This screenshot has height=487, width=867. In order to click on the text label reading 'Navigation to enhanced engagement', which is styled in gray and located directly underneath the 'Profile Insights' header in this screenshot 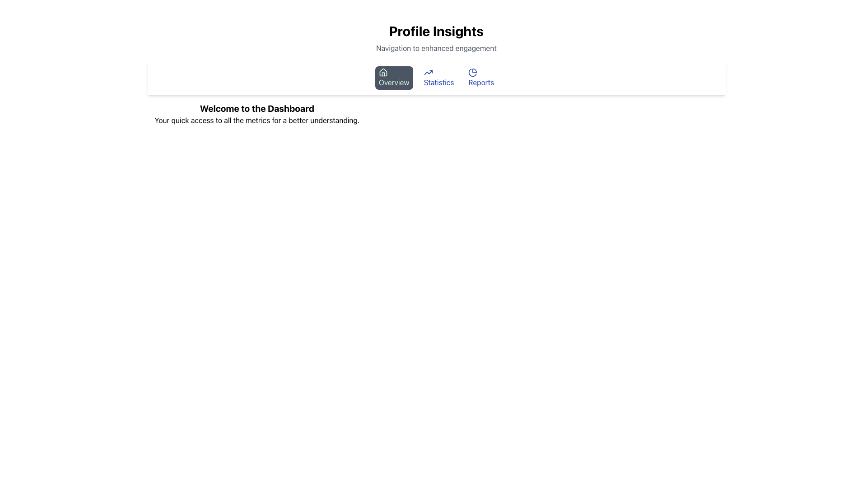, I will do `click(436, 48)`.